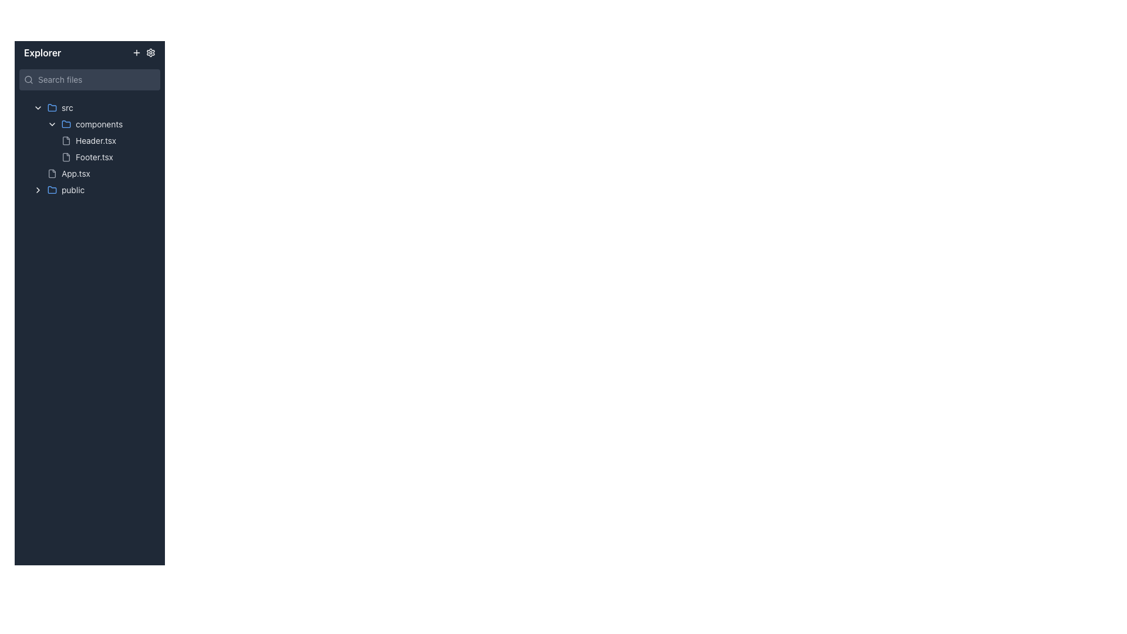 The height and width of the screenshot is (634, 1127). Describe the element at coordinates (95, 140) in the screenshot. I see `the 'Header.tsx' text label representing a file` at that location.